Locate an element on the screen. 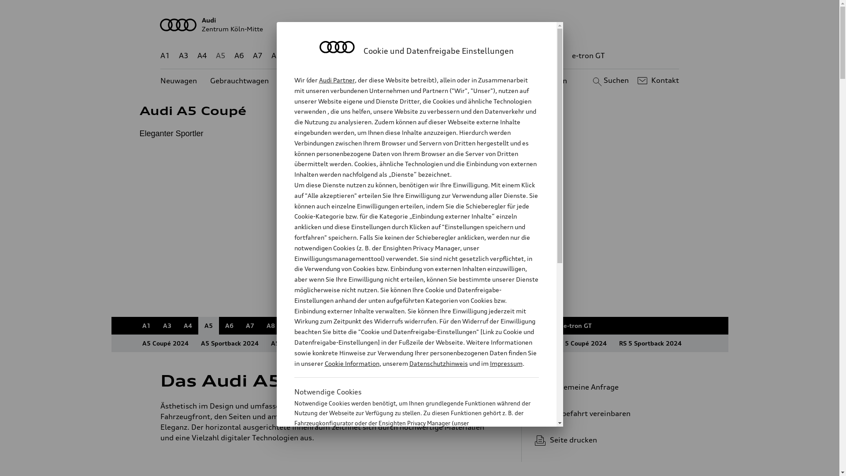  'RS 5 Sportback 2024' is located at coordinates (612, 343).